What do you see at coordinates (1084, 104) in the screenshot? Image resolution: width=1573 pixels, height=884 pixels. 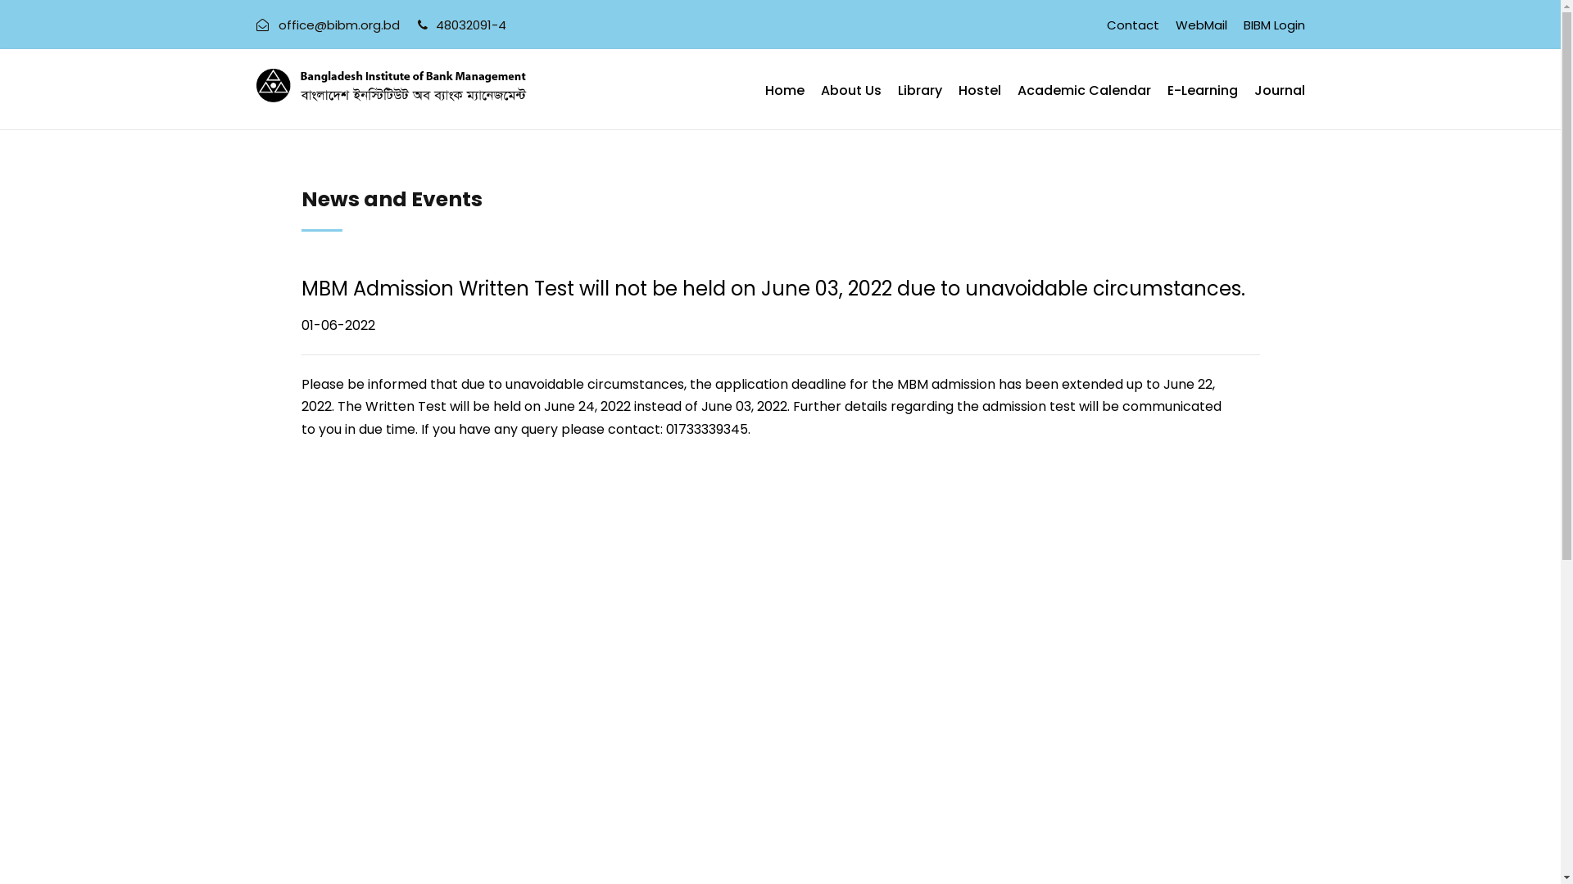 I see `'Academic Calendar'` at bounding box center [1084, 104].